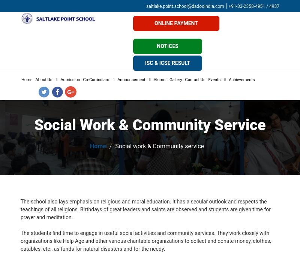  Describe the element at coordinates (96, 80) in the screenshot. I see `'Co-Curriculars'` at that location.